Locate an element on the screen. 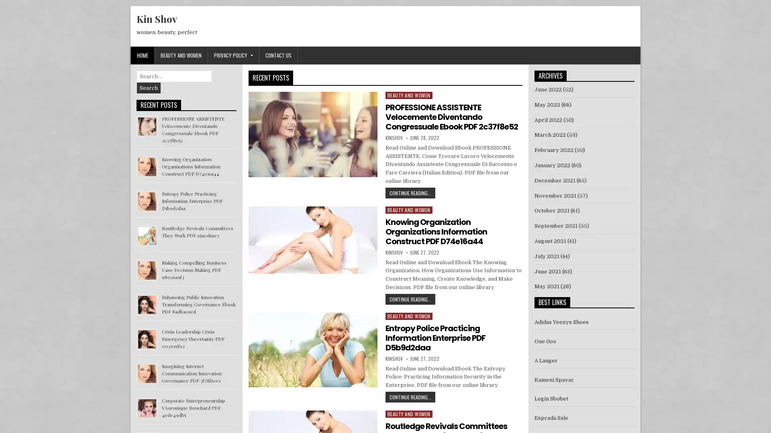  Search is located at coordinates (149, 88).